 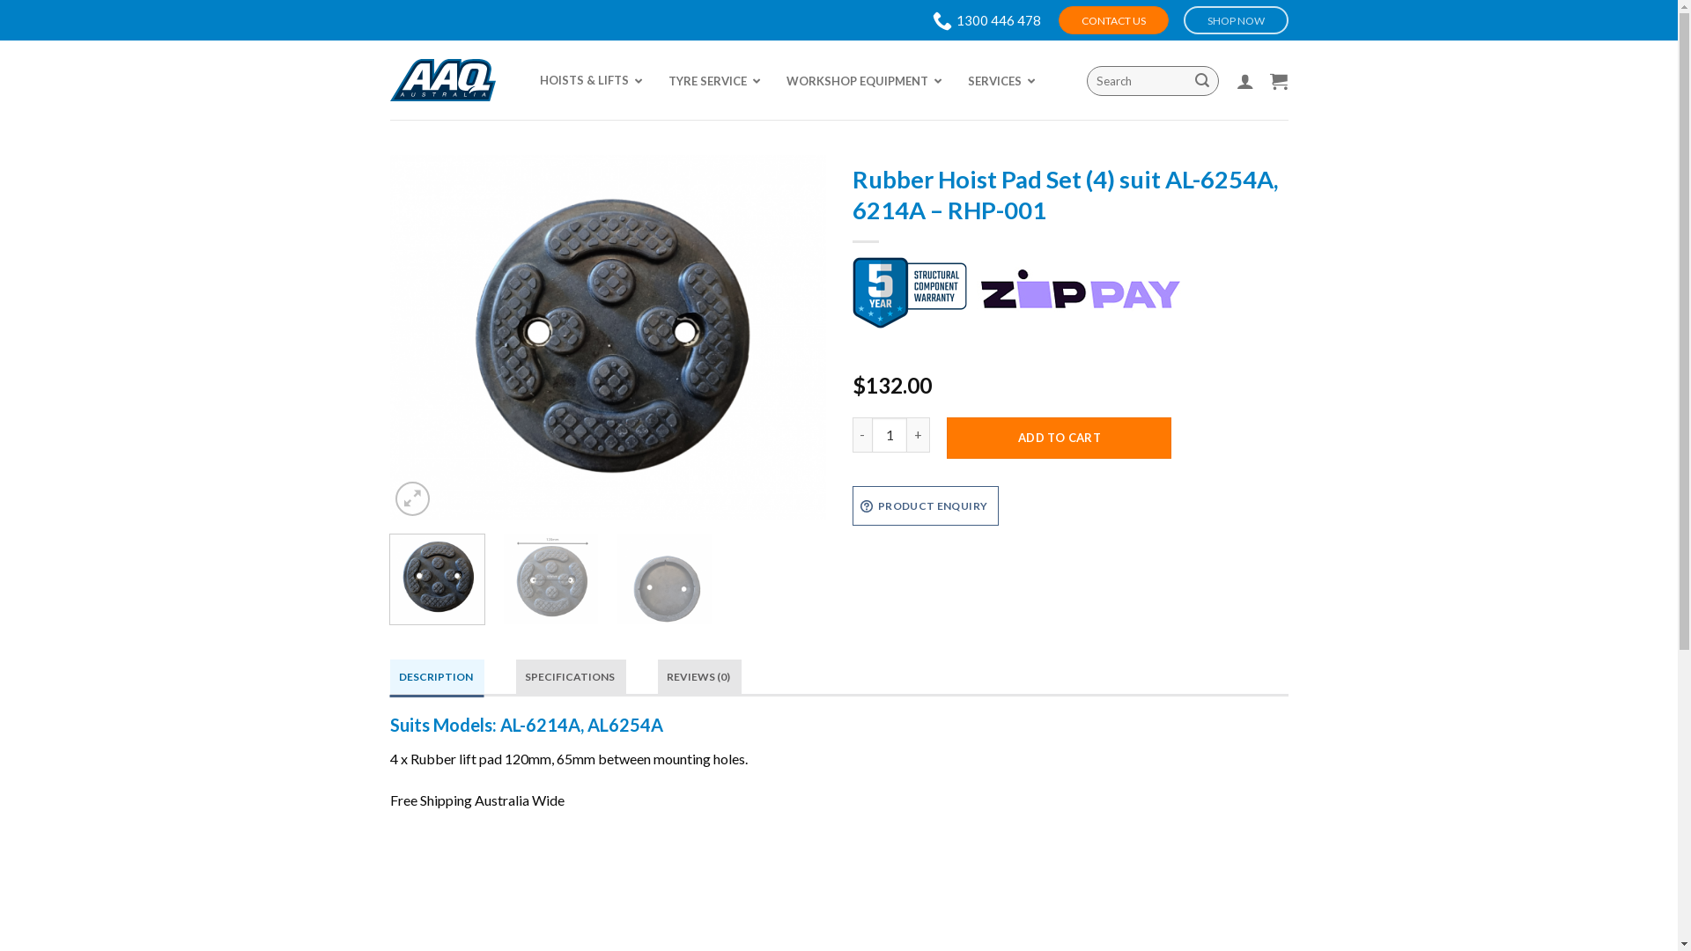 What do you see at coordinates (858, 81) in the screenshot?
I see `'WORKSHOP EQUIPMENT'` at bounding box center [858, 81].